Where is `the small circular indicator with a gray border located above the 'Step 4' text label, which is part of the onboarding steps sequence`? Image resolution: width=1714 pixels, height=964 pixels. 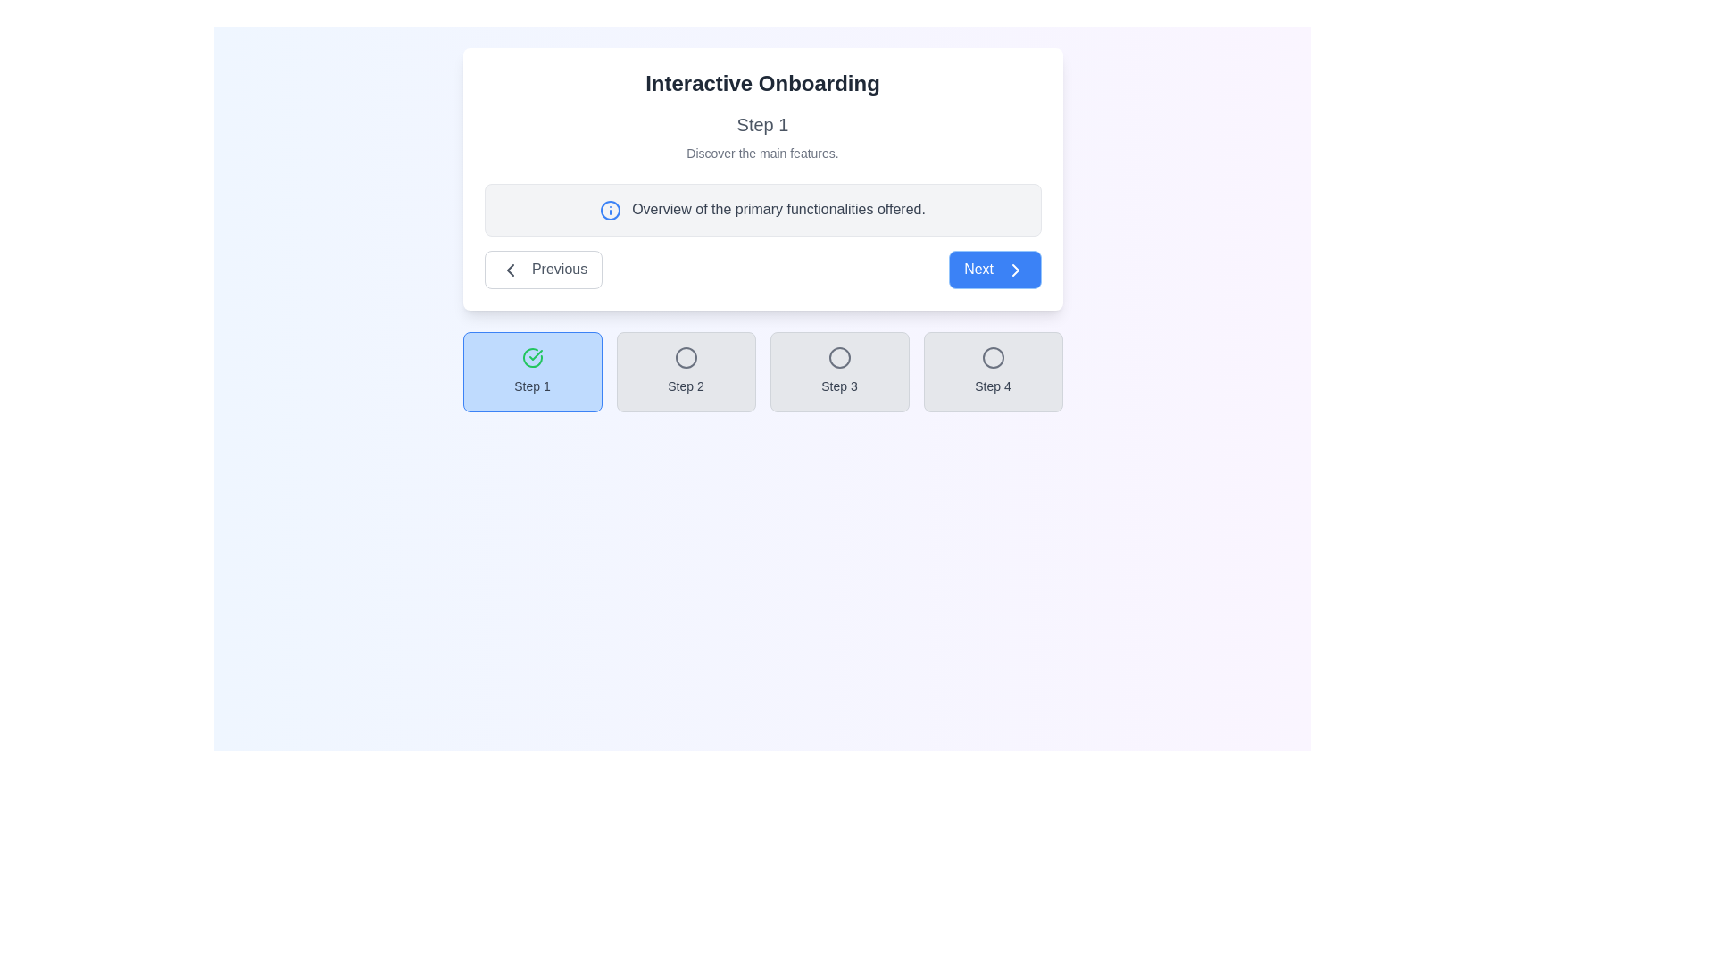
the small circular indicator with a gray border located above the 'Step 4' text label, which is part of the onboarding steps sequence is located at coordinates (992, 357).